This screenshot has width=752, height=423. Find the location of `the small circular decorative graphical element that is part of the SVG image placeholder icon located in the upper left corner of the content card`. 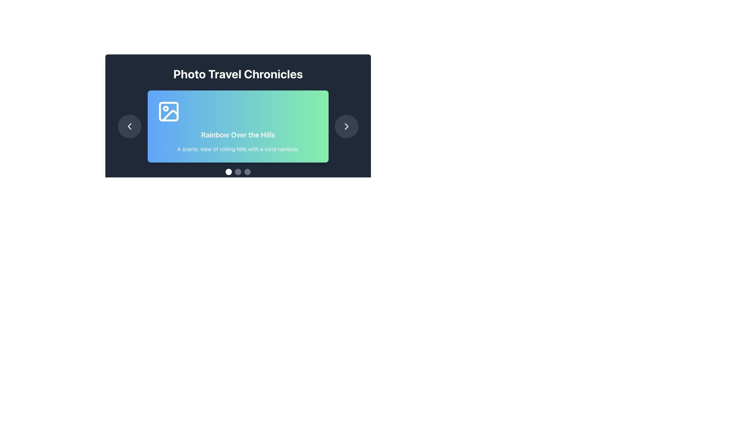

the small circular decorative graphical element that is part of the SVG image placeholder icon located in the upper left corner of the content card is located at coordinates (165, 108).